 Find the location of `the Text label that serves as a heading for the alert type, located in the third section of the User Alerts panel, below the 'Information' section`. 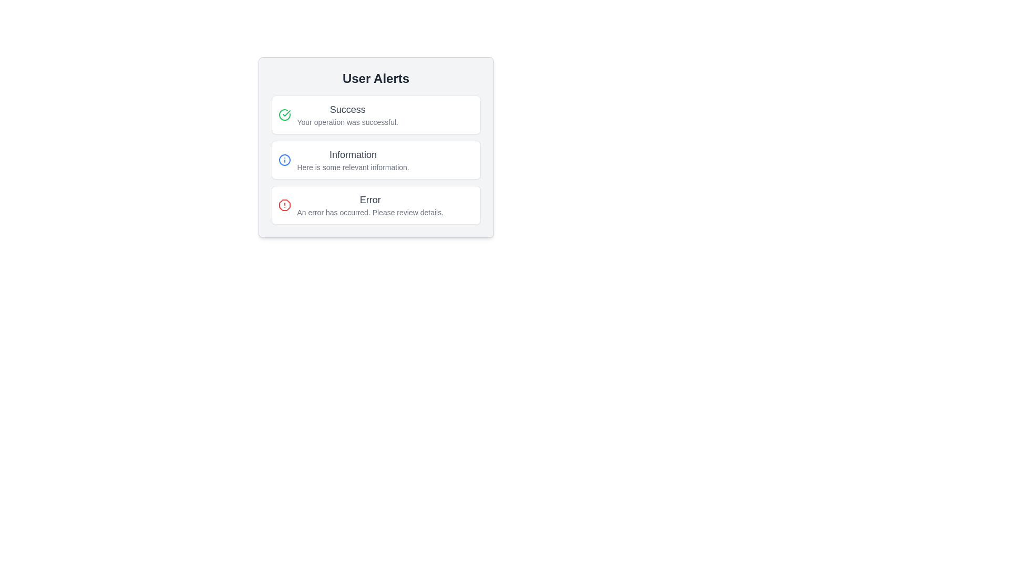

the Text label that serves as a heading for the alert type, located in the third section of the User Alerts panel, below the 'Information' section is located at coordinates (370, 200).